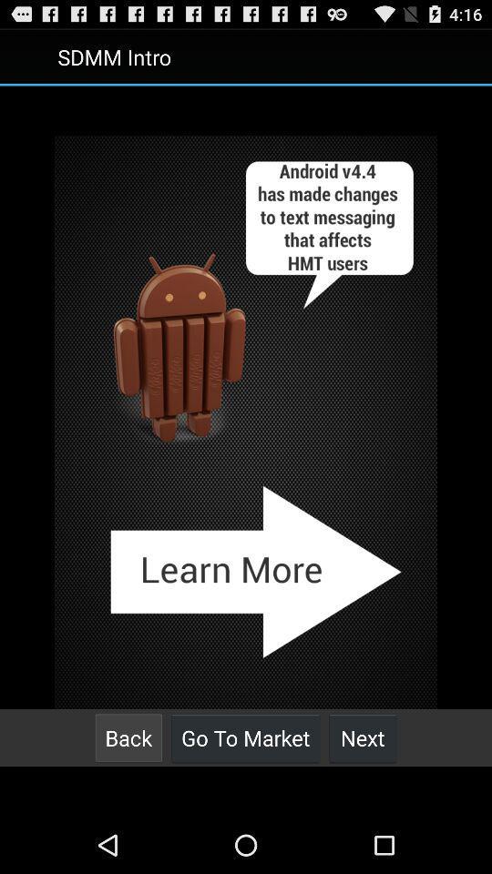 The height and width of the screenshot is (874, 492). I want to click on item to the right of back item, so click(245, 737).